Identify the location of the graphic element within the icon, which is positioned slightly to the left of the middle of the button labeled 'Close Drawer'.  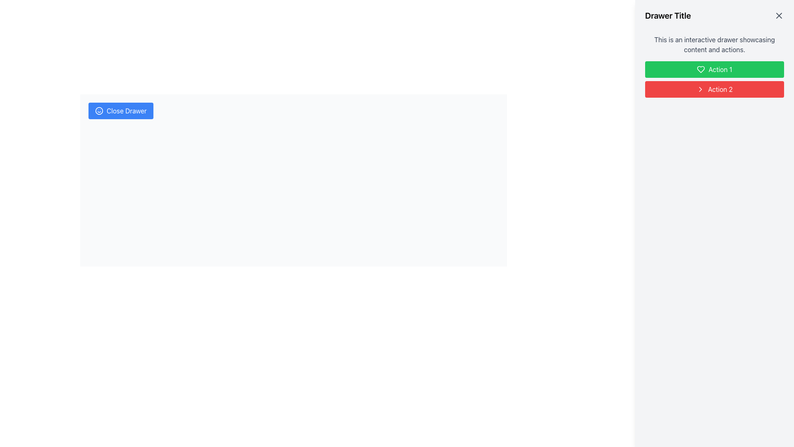
(99, 110).